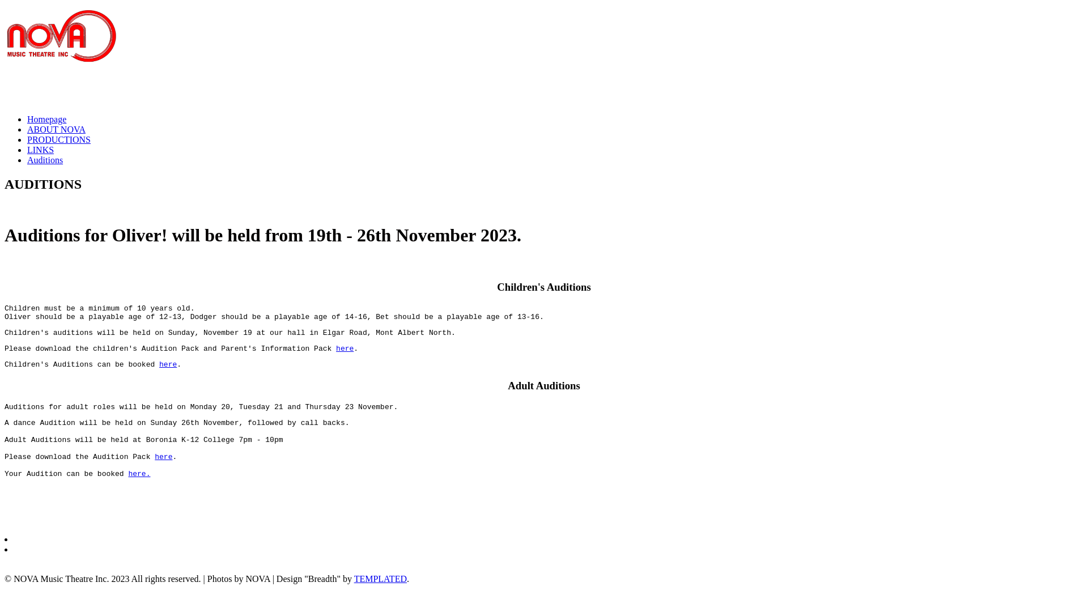 The image size is (1088, 612). I want to click on 'Homepage', so click(46, 119).